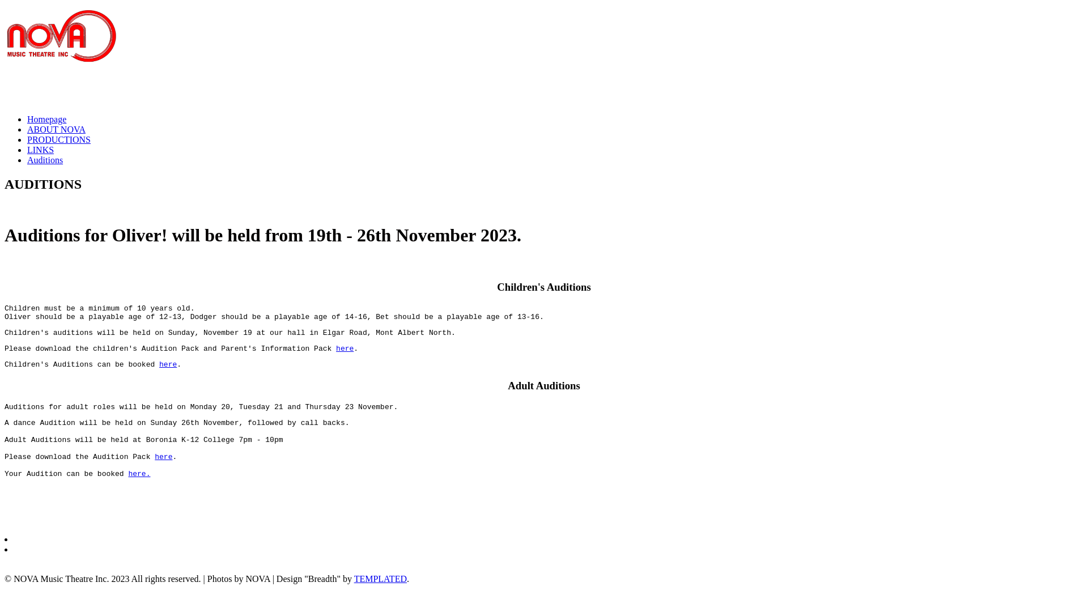 The image size is (1088, 612). I want to click on 'Homepage', so click(46, 119).